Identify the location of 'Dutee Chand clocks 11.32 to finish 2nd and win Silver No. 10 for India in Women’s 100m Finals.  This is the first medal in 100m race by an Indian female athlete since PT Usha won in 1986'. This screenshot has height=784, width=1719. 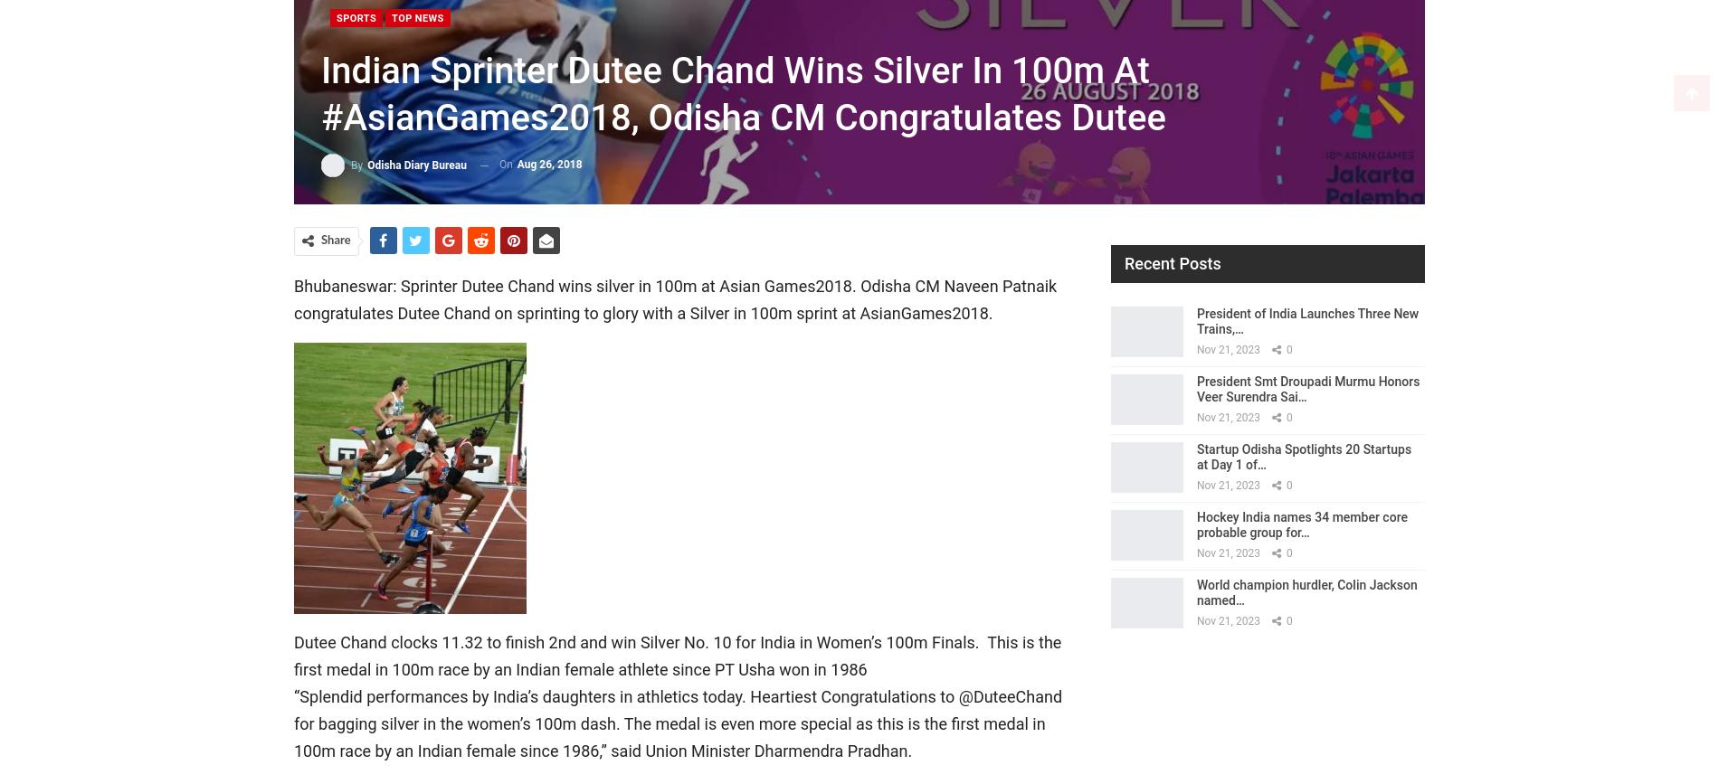
(676, 655).